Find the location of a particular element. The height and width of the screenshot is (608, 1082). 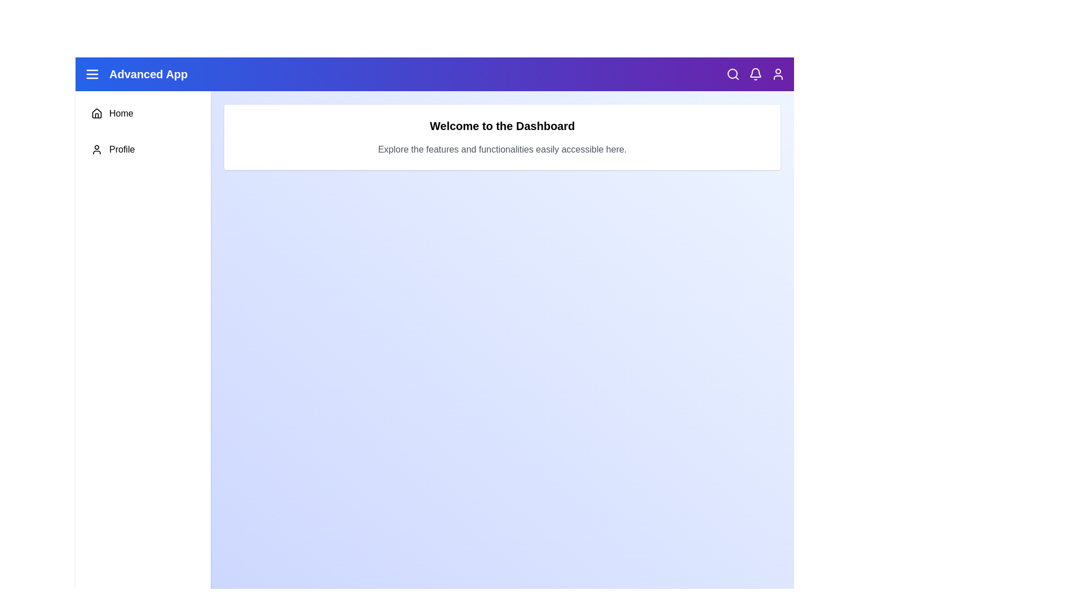

the menu icon to toggle the sidebar visibility is located at coordinates (92, 74).